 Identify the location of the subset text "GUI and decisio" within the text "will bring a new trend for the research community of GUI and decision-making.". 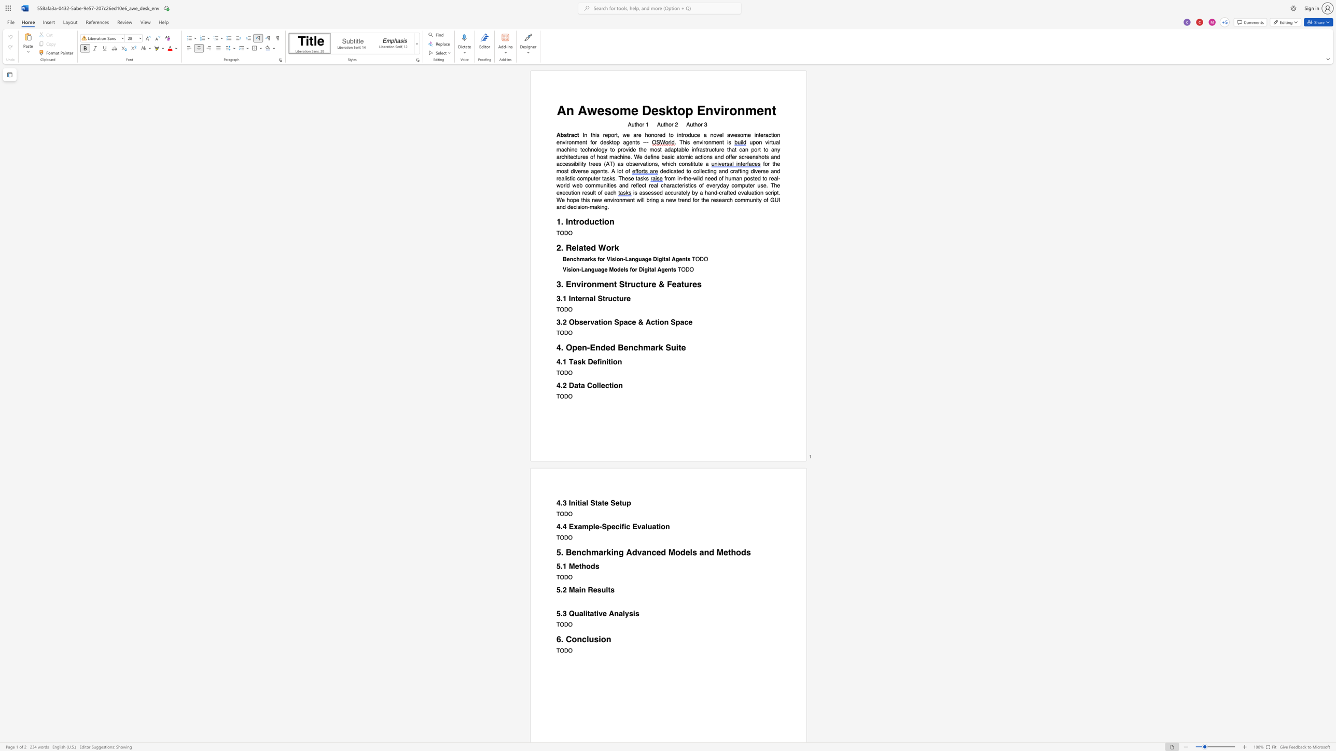
(770, 200).